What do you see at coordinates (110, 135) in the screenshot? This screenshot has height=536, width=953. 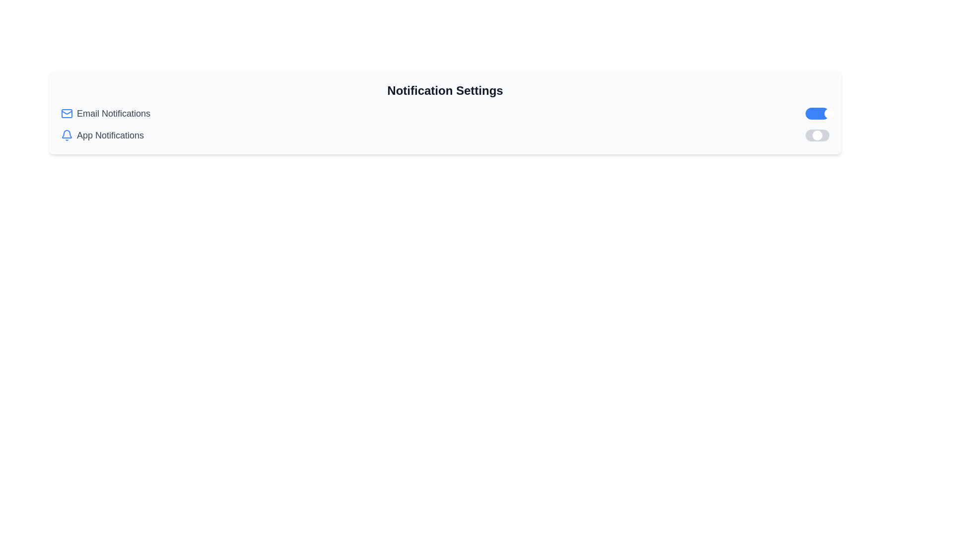 I see `the Text Label for App Notifications` at bounding box center [110, 135].